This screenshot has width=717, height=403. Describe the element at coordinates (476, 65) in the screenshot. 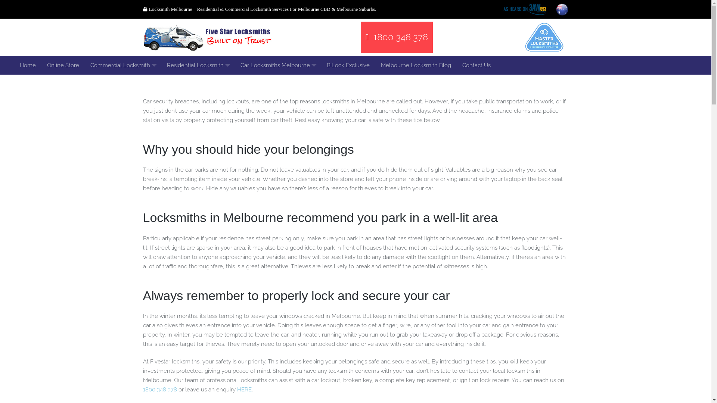

I see `'Contact Us'` at that location.